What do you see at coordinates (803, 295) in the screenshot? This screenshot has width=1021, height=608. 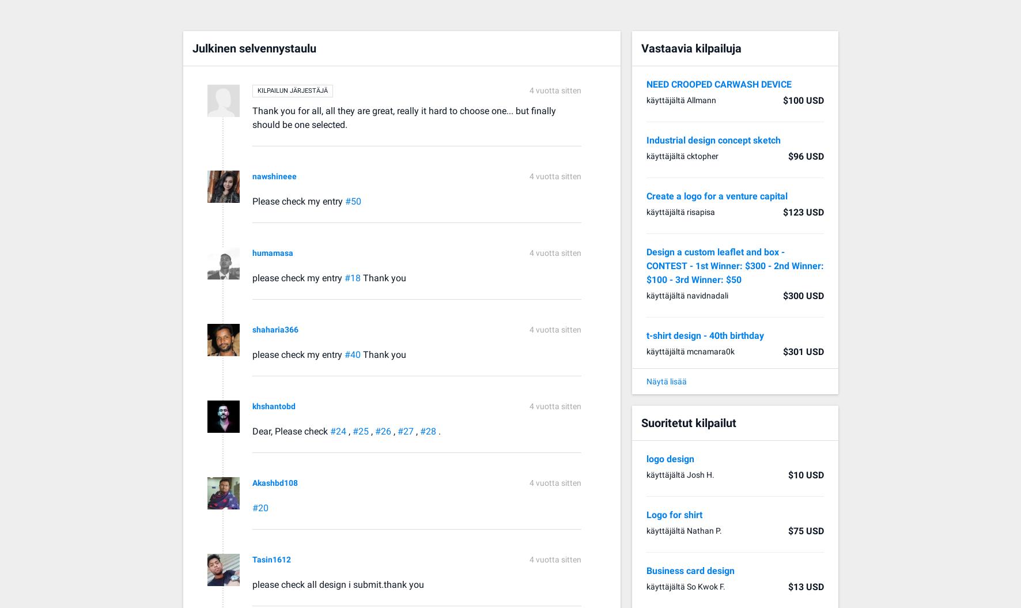 I see `'$300 USD'` at bounding box center [803, 295].